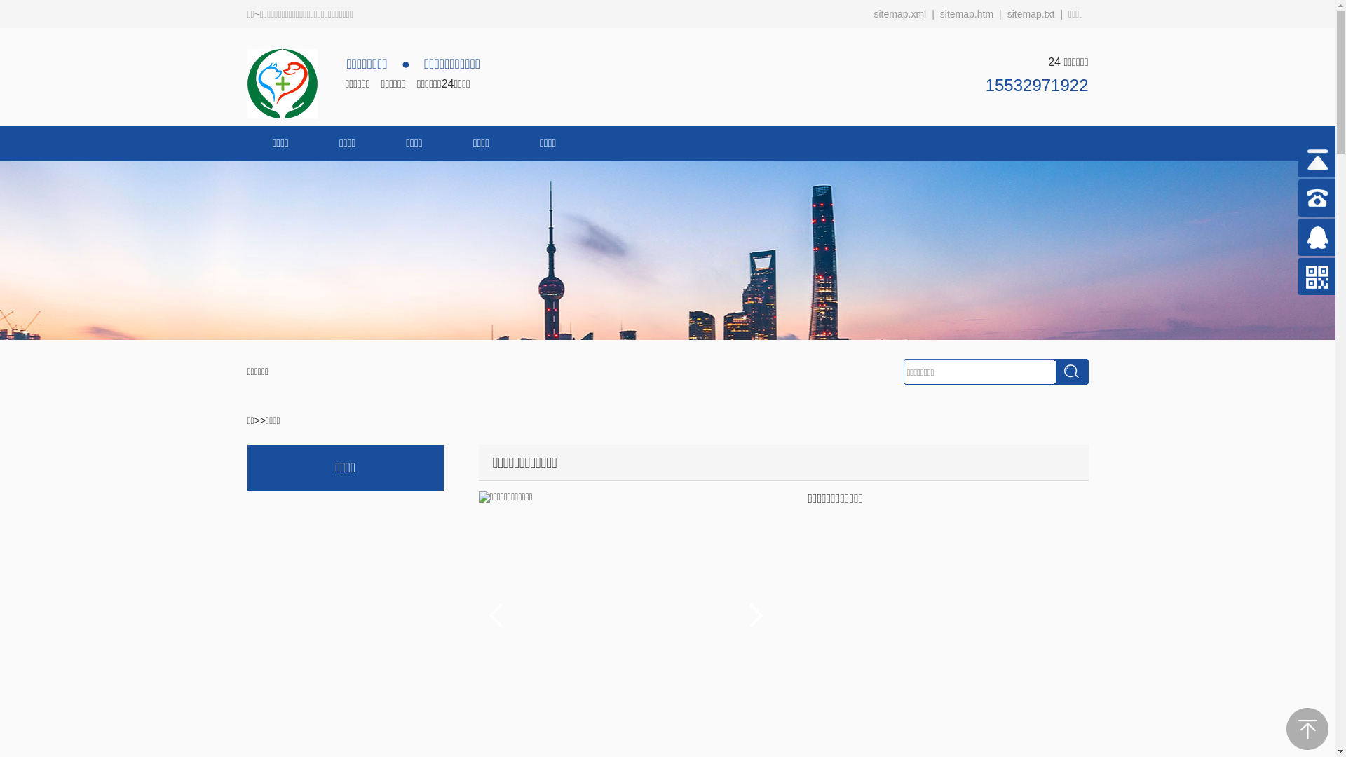  I want to click on 'sitemap.txt', so click(1031, 13).